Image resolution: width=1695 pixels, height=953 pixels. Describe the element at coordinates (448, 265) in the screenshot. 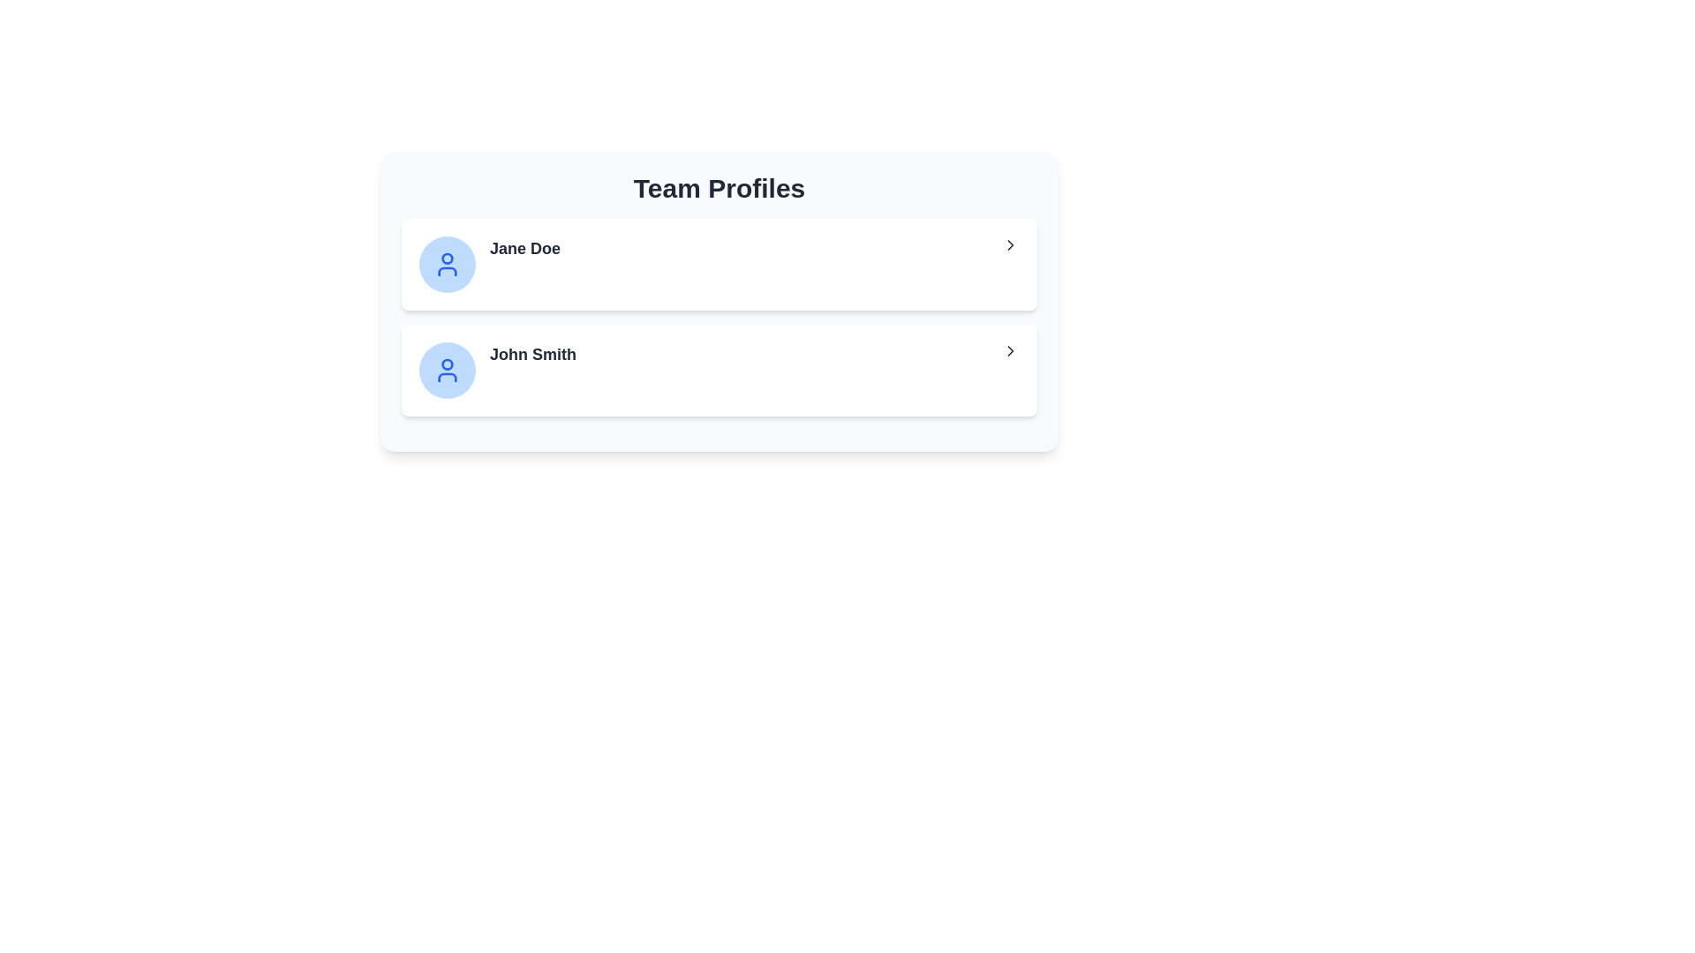

I see `the user profile icon for 'John Smith' located within a blue circular background in the second row of the 'Team Profiles' section` at that location.